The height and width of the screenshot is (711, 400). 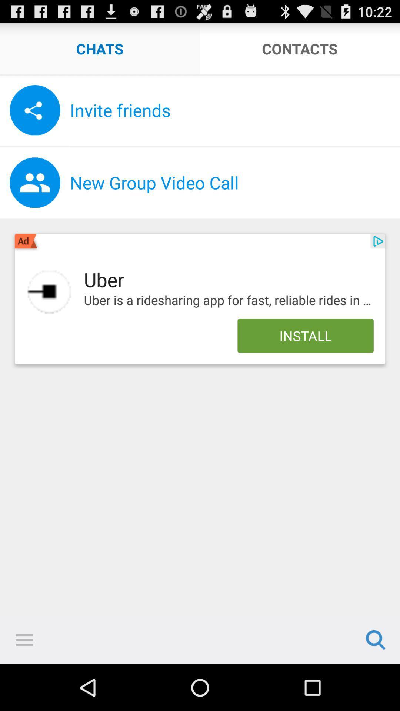 I want to click on install icon, so click(x=306, y=335).